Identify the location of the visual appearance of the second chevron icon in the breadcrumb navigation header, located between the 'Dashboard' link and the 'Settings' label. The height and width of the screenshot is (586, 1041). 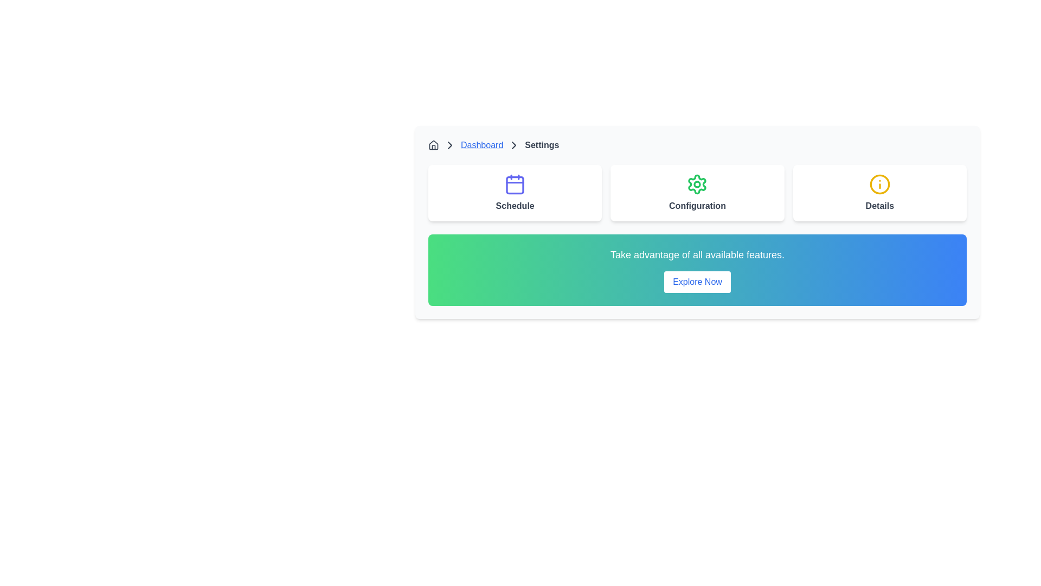
(513, 144).